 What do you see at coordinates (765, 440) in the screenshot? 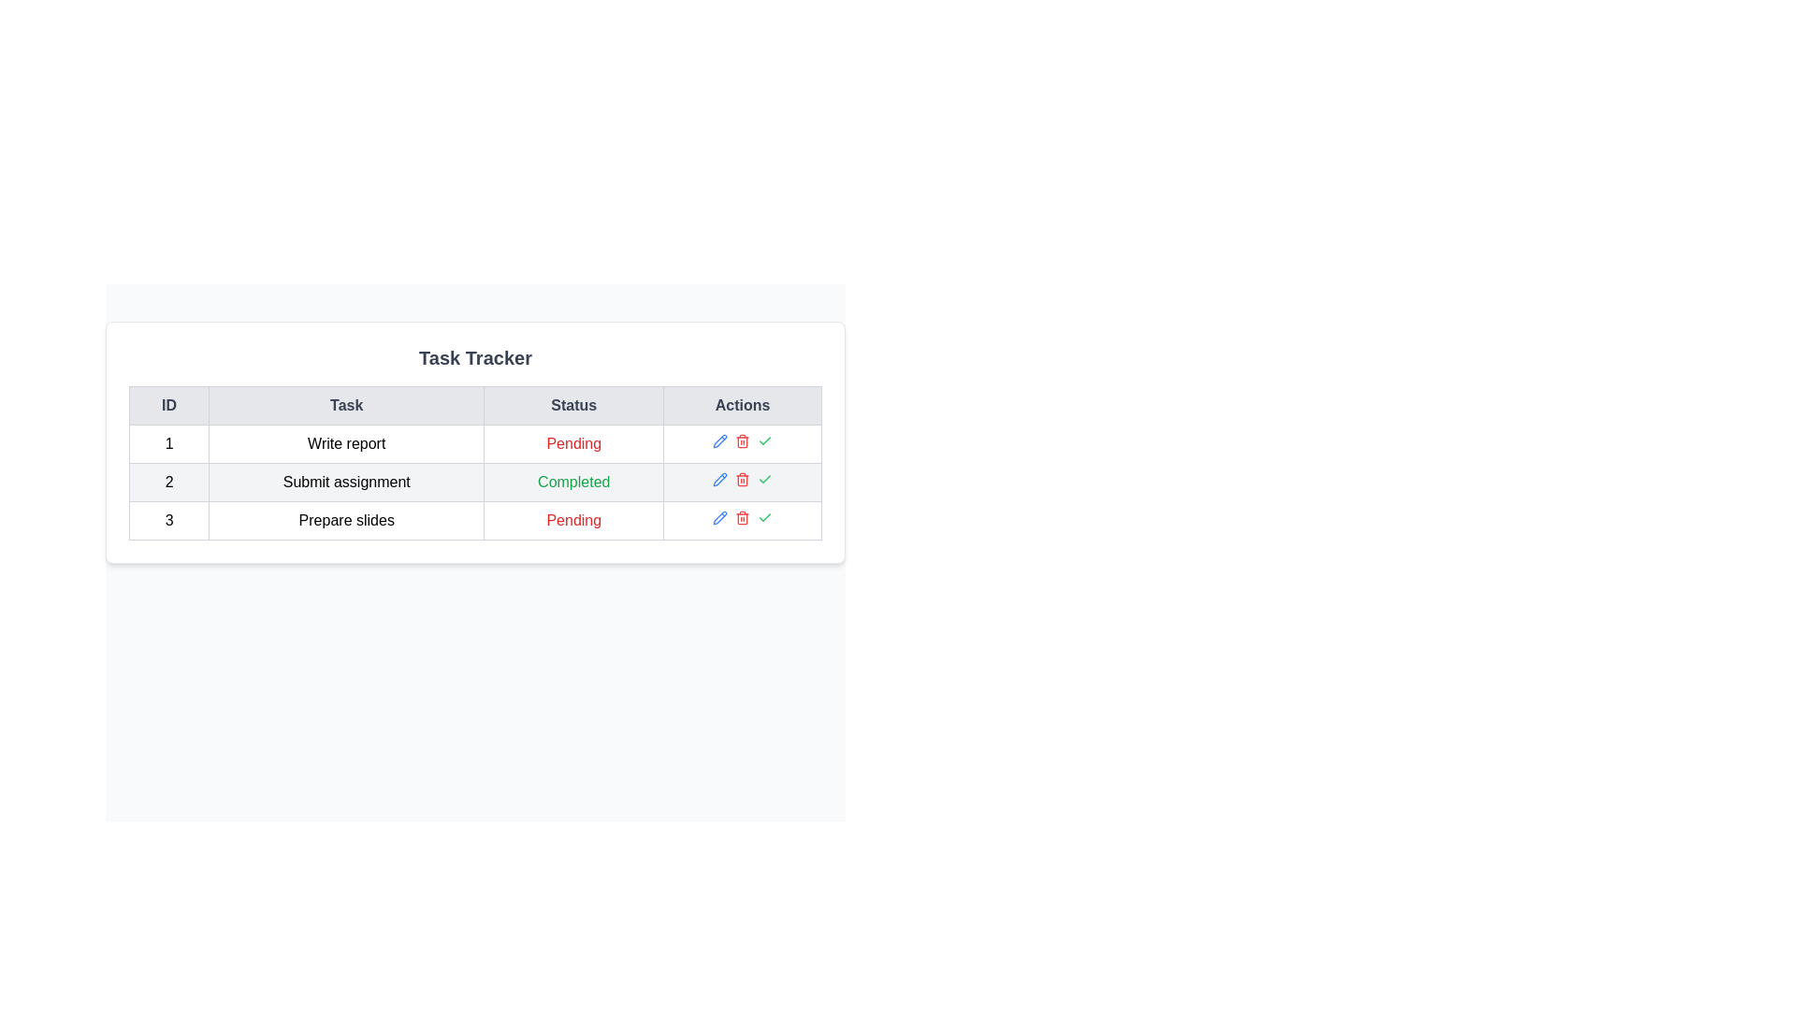
I see `the check icon for task with ID 1 to mark it as completed` at bounding box center [765, 440].